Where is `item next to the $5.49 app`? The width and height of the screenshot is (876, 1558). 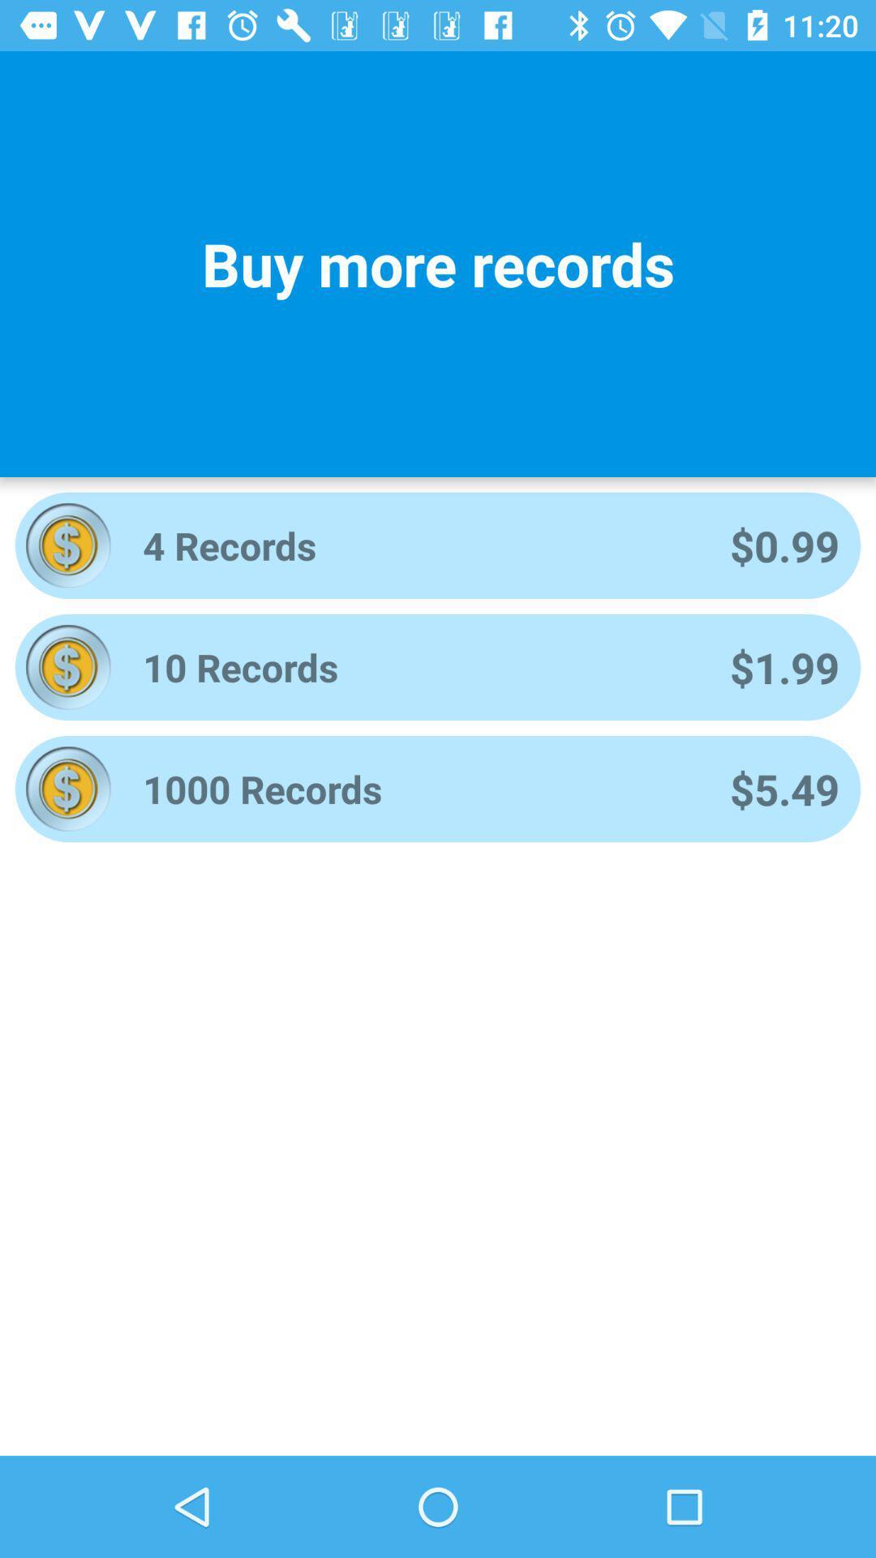 item next to the $5.49 app is located at coordinates (414, 789).